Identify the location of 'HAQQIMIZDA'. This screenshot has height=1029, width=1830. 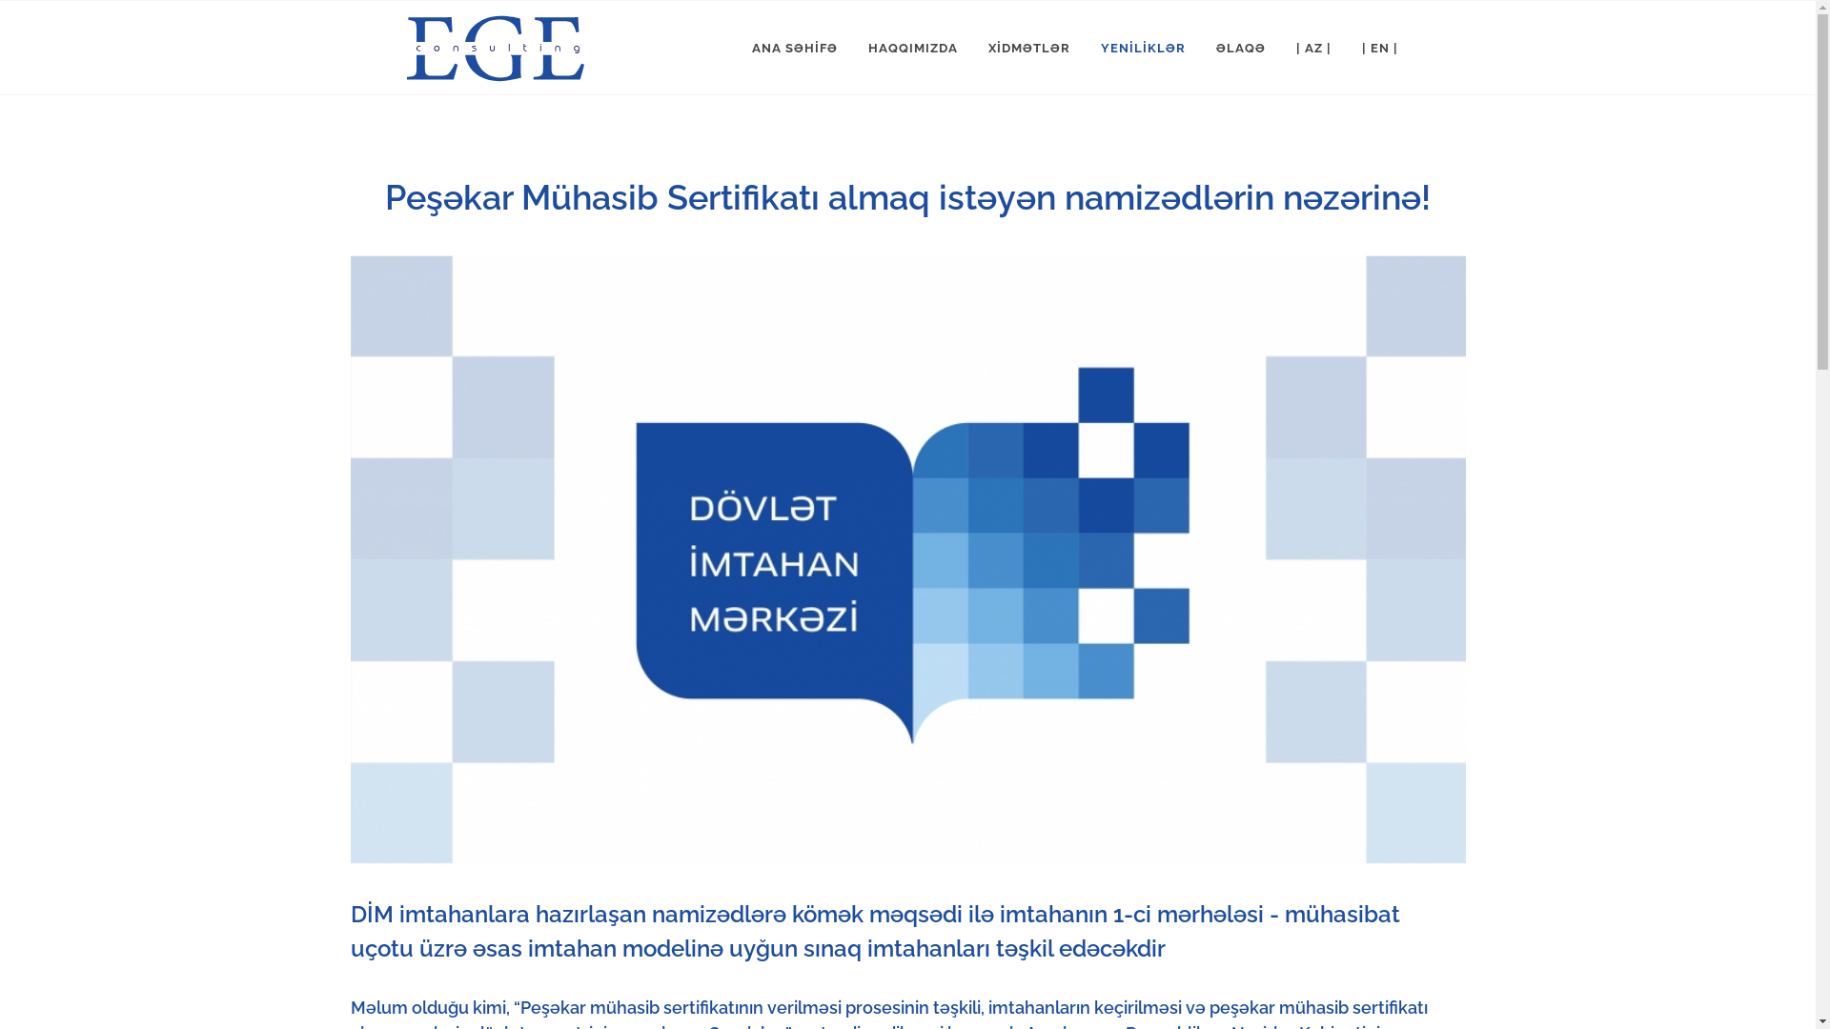
(912, 47).